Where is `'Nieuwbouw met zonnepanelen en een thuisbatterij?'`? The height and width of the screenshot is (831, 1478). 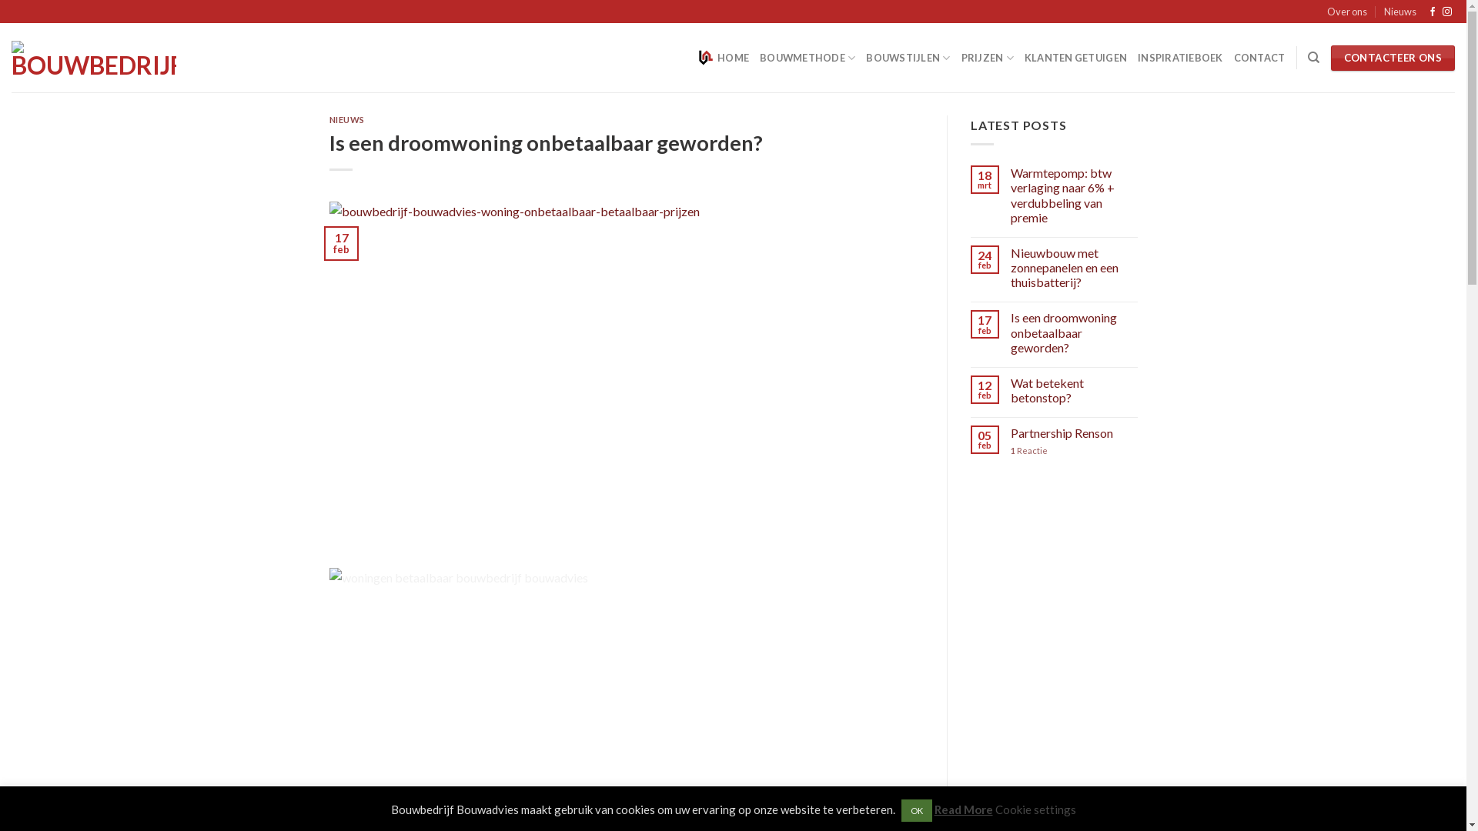 'Nieuwbouw met zonnepanelen en een thuisbatterij?' is located at coordinates (1073, 266).